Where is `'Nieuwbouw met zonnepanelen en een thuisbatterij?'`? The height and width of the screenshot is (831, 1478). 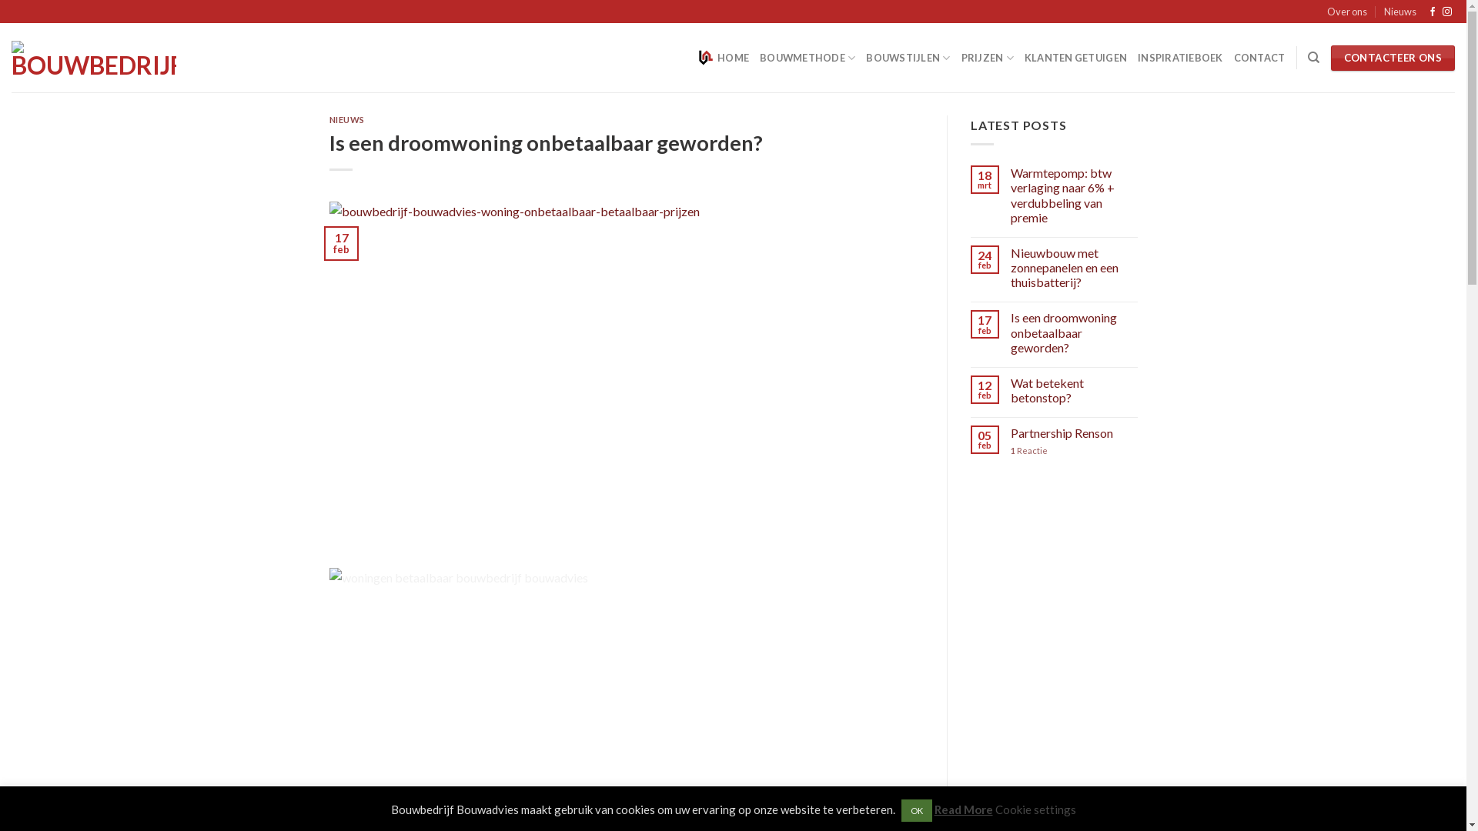 'Nieuwbouw met zonnepanelen en een thuisbatterij?' is located at coordinates (1073, 266).